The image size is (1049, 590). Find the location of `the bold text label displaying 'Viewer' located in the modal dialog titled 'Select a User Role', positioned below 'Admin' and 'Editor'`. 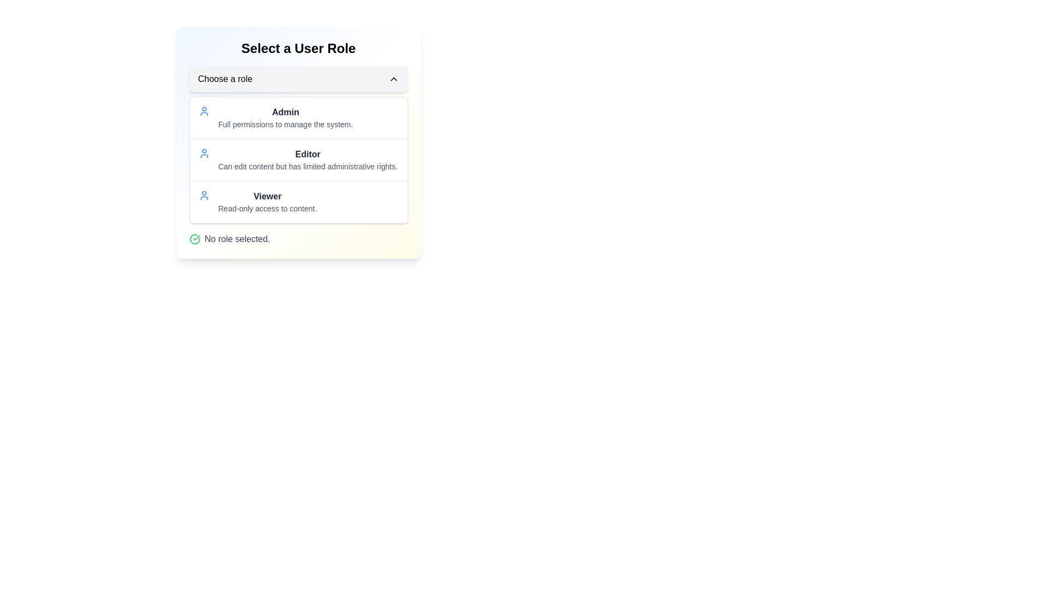

the bold text label displaying 'Viewer' located in the modal dialog titled 'Select a User Role', positioned below 'Admin' and 'Editor' is located at coordinates (267, 196).